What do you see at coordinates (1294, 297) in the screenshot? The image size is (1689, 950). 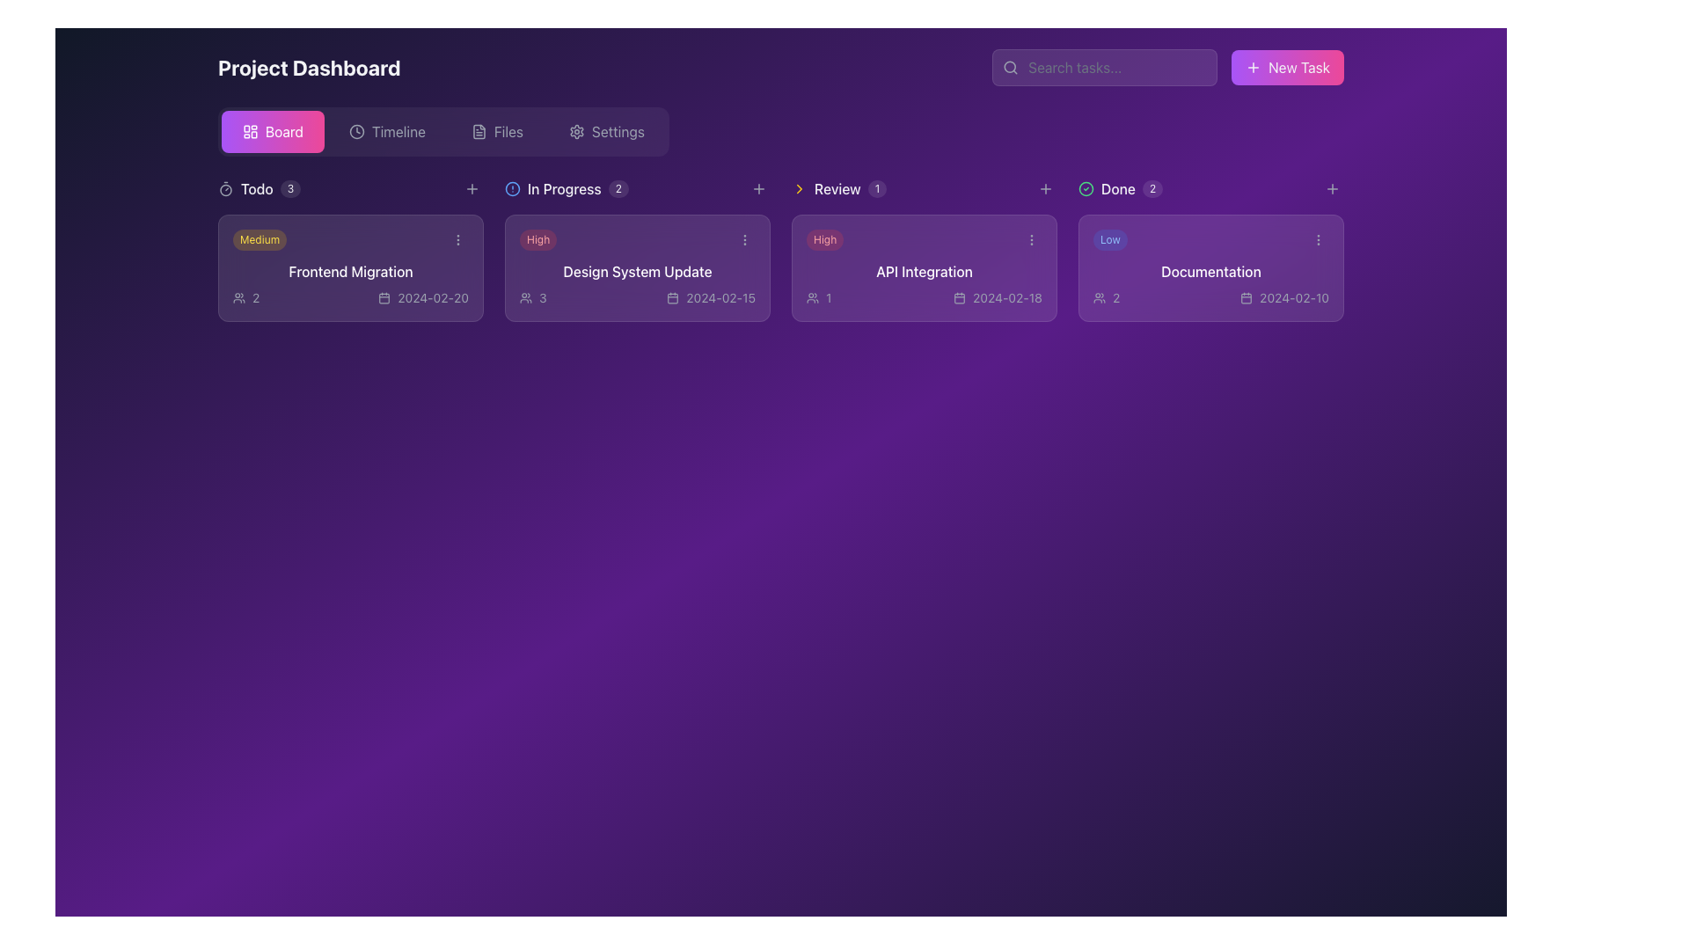 I see `the text label displaying the date '2024-02-10'` at bounding box center [1294, 297].